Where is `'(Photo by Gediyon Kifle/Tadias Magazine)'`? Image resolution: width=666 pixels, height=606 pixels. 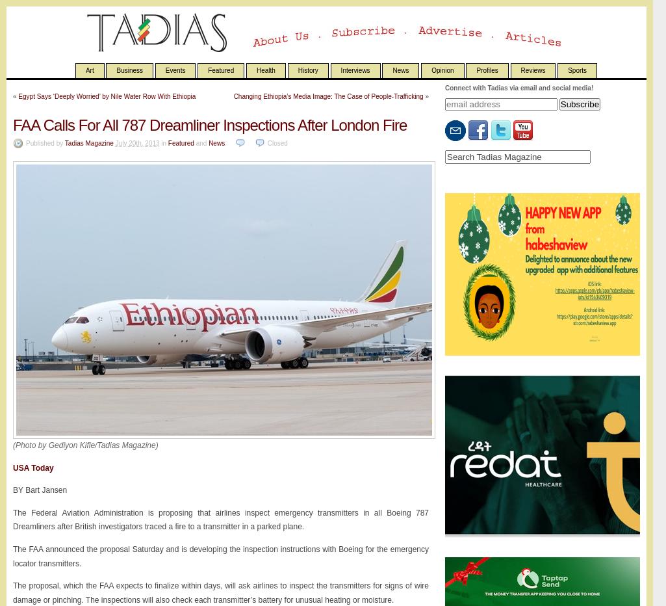 '(Photo by Gediyon Kifle/Tadias Magazine)' is located at coordinates (85, 445).